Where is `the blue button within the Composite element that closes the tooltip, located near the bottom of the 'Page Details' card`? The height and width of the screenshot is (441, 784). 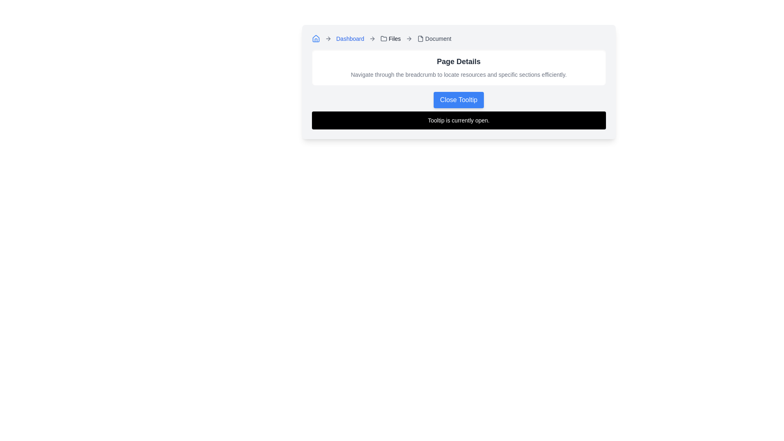
the blue button within the Composite element that closes the tooltip, located near the bottom of the 'Page Details' card is located at coordinates (459, 110).